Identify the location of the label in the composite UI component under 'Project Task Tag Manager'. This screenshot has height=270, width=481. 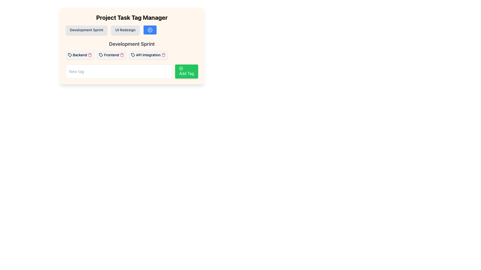
(132, 30).